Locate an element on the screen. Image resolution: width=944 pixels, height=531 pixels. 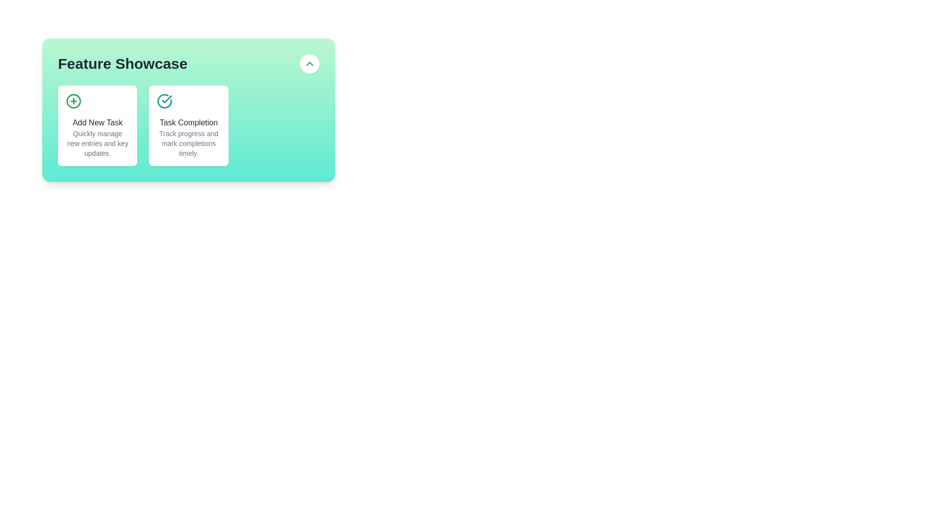
the 'Task Completion' text label, which is styled with a medium font and appears prominently in black within its box, located in the second card of the 'Feature Showcase' section is located at coordinates (189, 122).